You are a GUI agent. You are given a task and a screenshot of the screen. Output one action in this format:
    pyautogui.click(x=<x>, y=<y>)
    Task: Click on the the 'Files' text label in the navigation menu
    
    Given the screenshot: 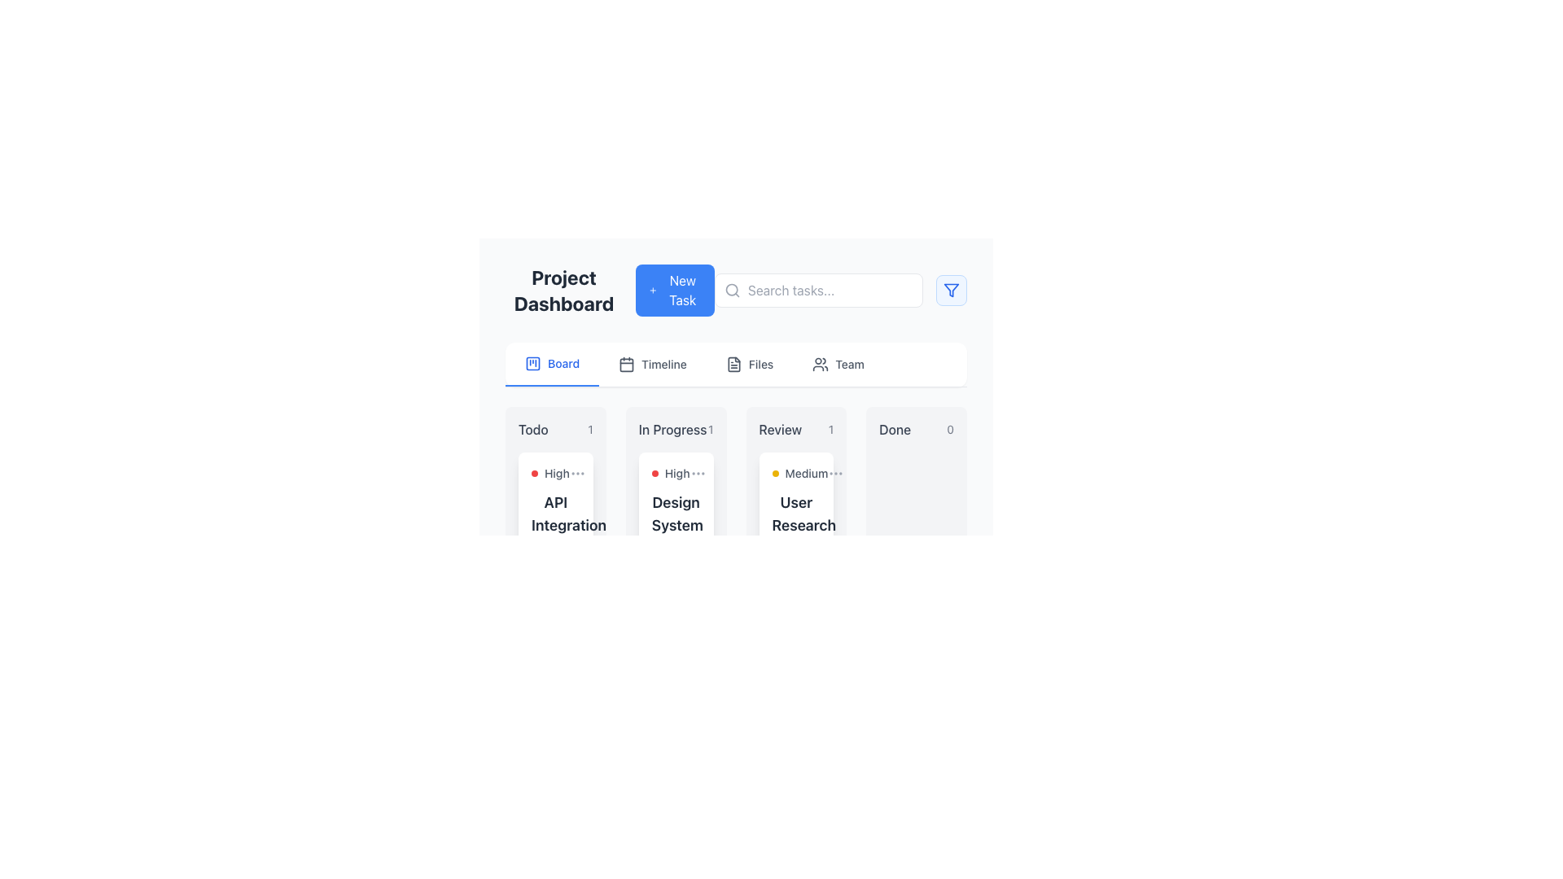 What is the action you would take?
    pyautogui.click(x=760, y=363)
    